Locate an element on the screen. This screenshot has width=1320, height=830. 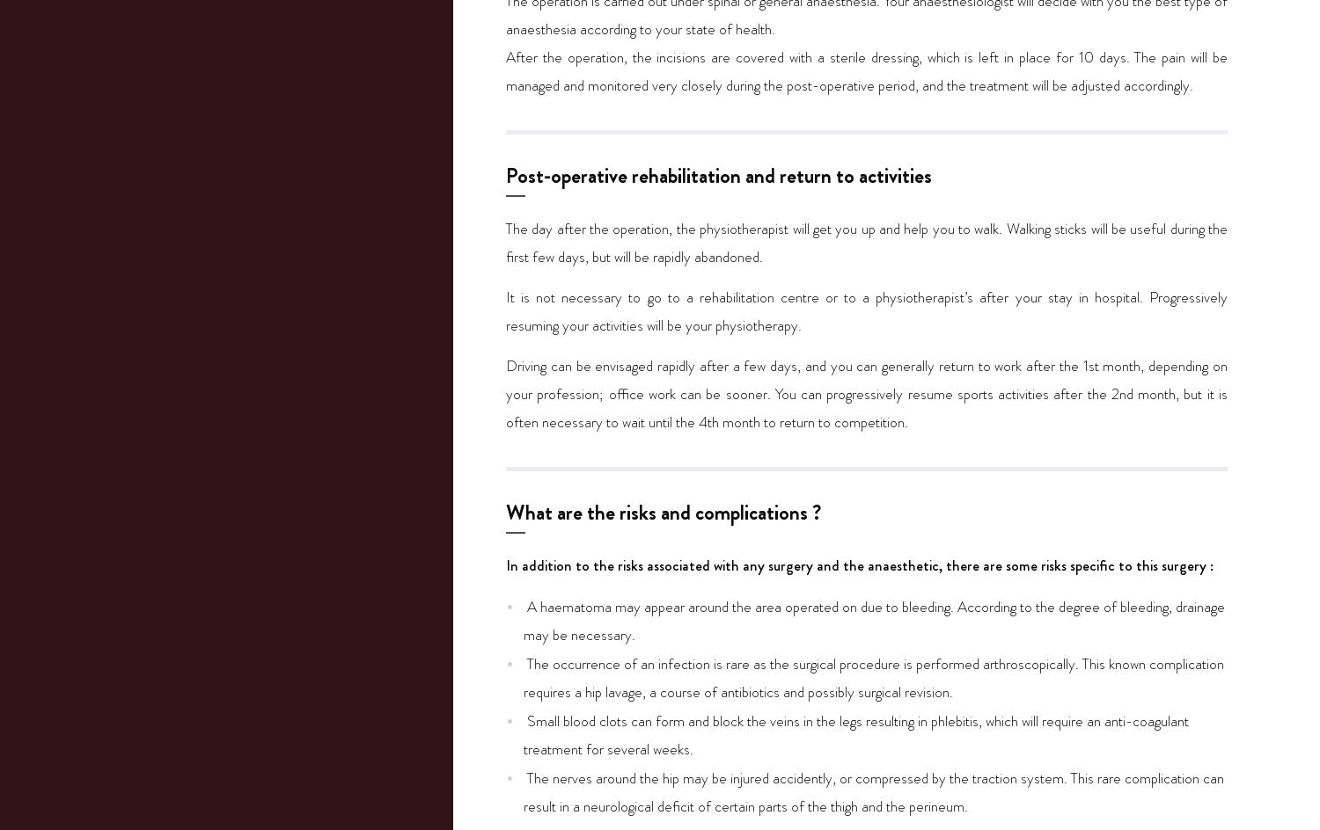
'The day after the operation, the physiotherapist will get you up and help you to walk. Walking sticks will be useful during the first few days, but will be rapidly abandoned.' is located at coordinates (866, 241).